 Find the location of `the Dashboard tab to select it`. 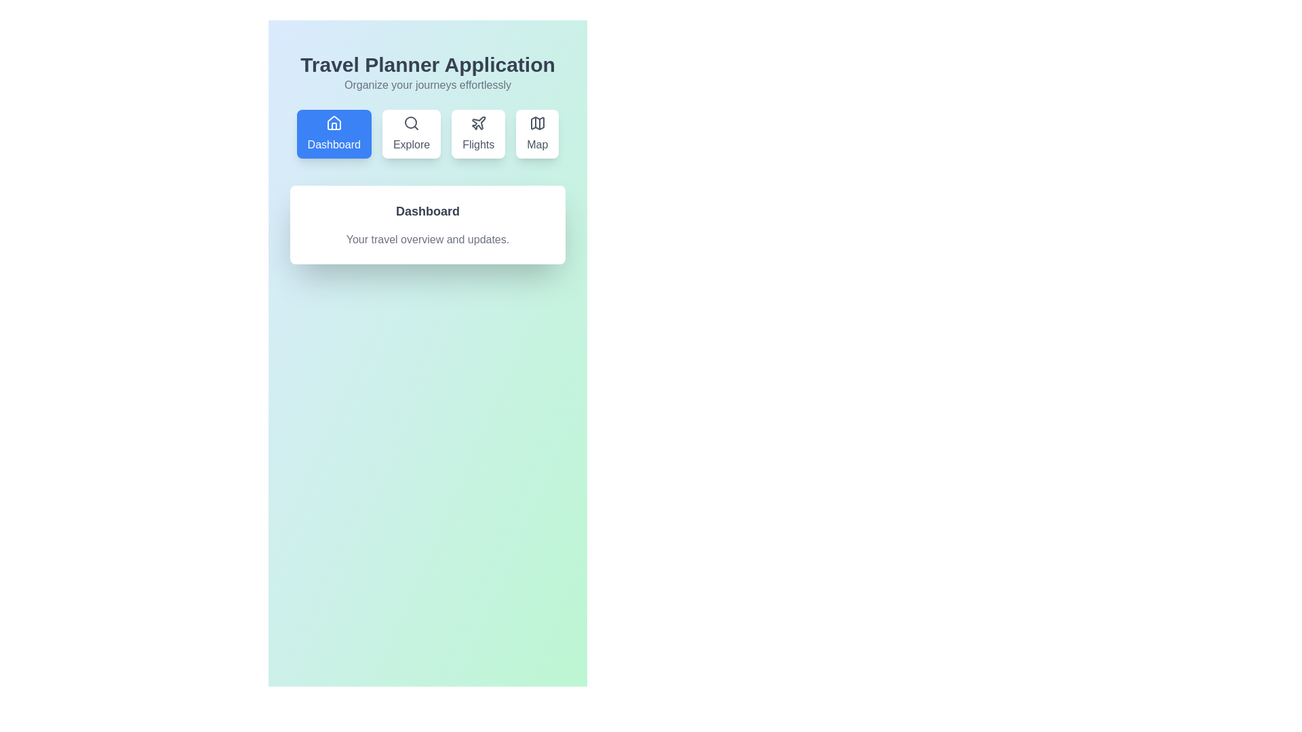

the Dashboard tab to select it is located at coordinates (334, 134).